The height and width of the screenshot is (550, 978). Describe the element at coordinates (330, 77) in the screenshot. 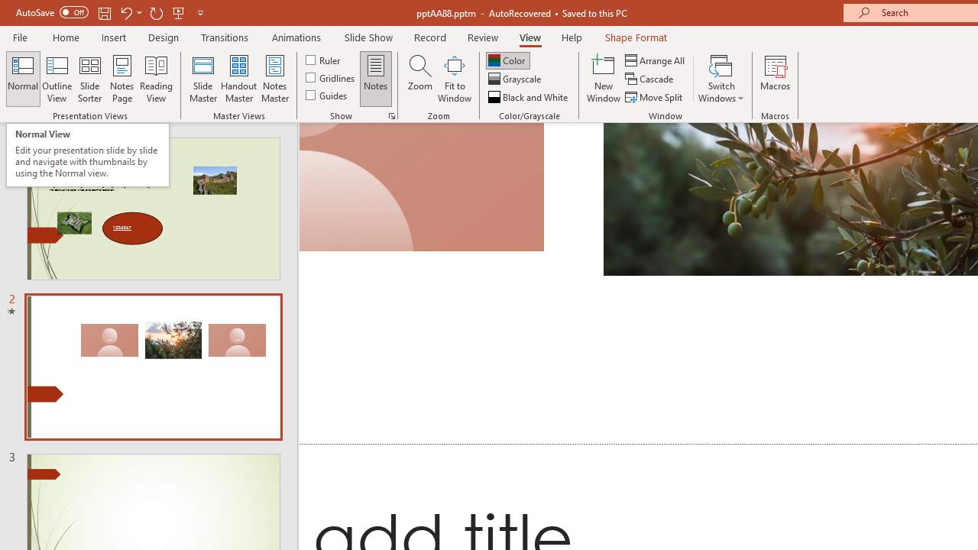

I see `'Gridlines'` at that location.